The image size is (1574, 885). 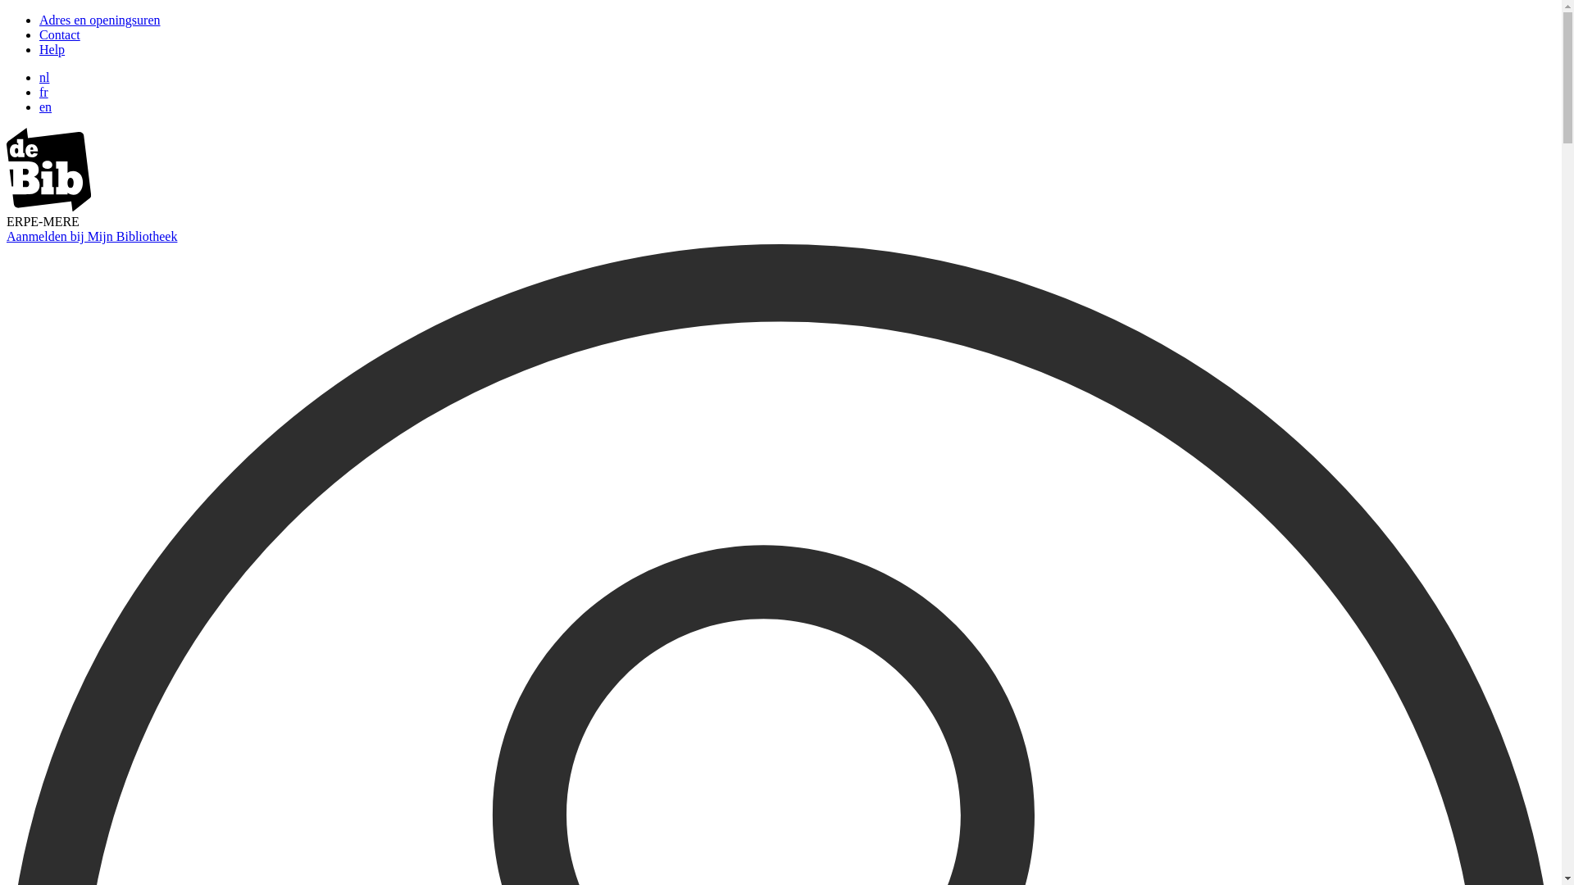 I want to click on 'Overslaan en naar zoeken gaan', so click(x=7, y=13).